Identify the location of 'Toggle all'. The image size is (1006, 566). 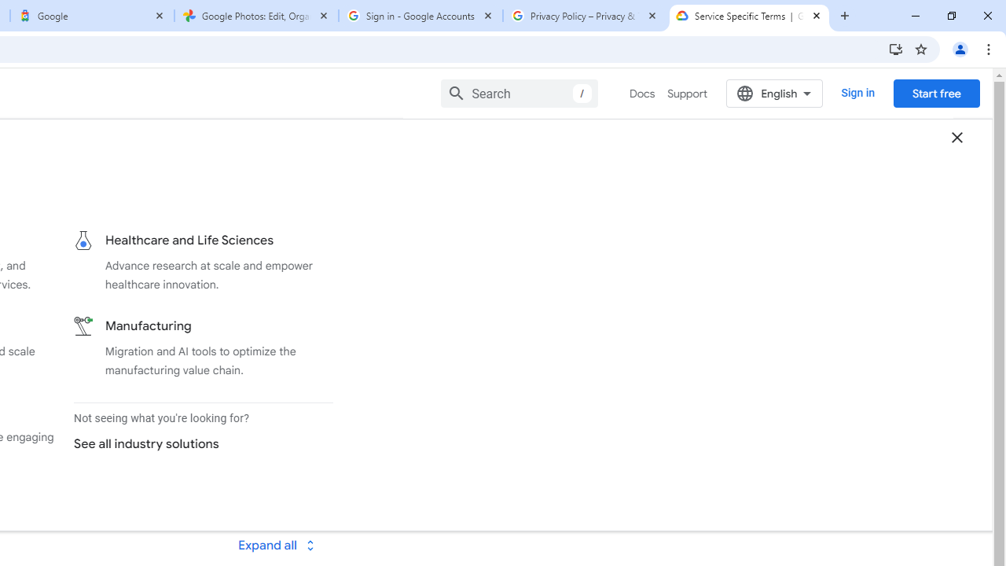
(276, 544).